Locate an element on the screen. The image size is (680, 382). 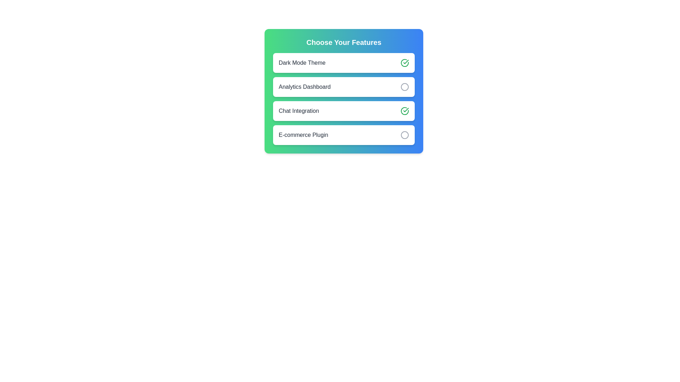
the feature E-commerce Plugin is located at coordinates (404, 135).